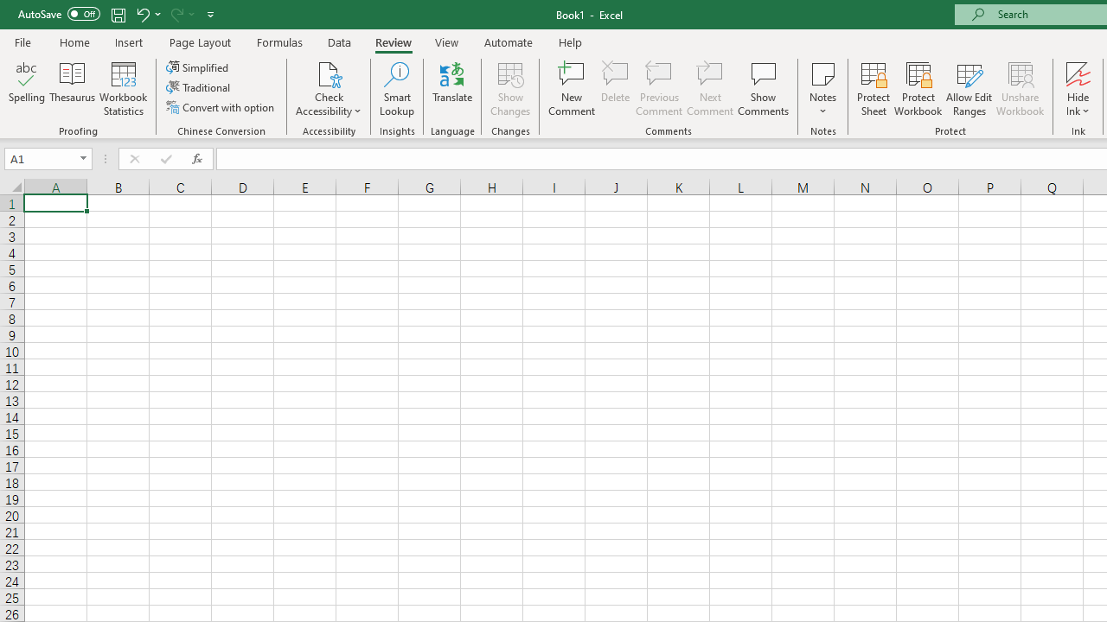  I want to click on 'Translate', so click(452, 89).